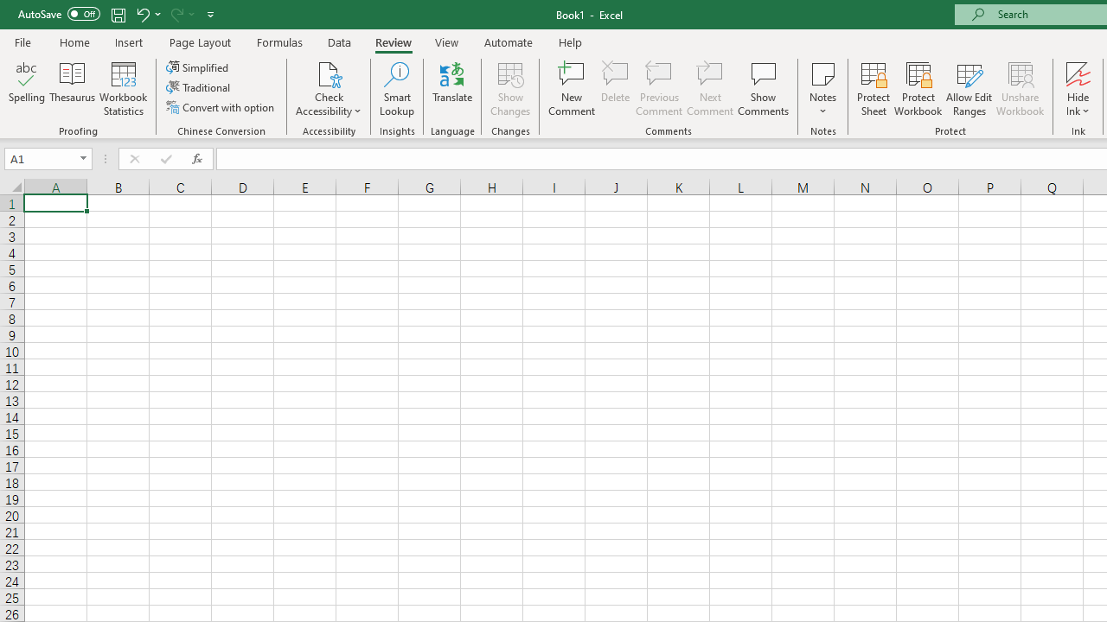  I want to click on 'Translate', so click(452, 89).